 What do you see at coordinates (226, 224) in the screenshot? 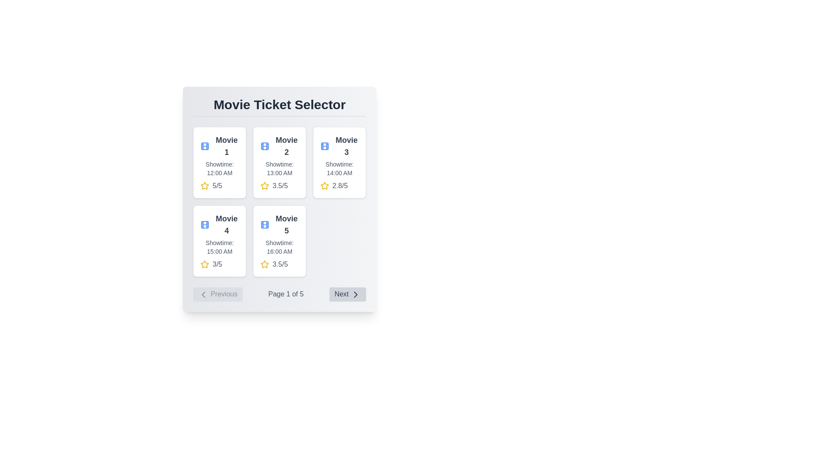
I see `text content of the movie title displayed on the card located in the second row, first column of the grid layout, which is associated with a film icon and showtime information` at bounding box center [226, 224].